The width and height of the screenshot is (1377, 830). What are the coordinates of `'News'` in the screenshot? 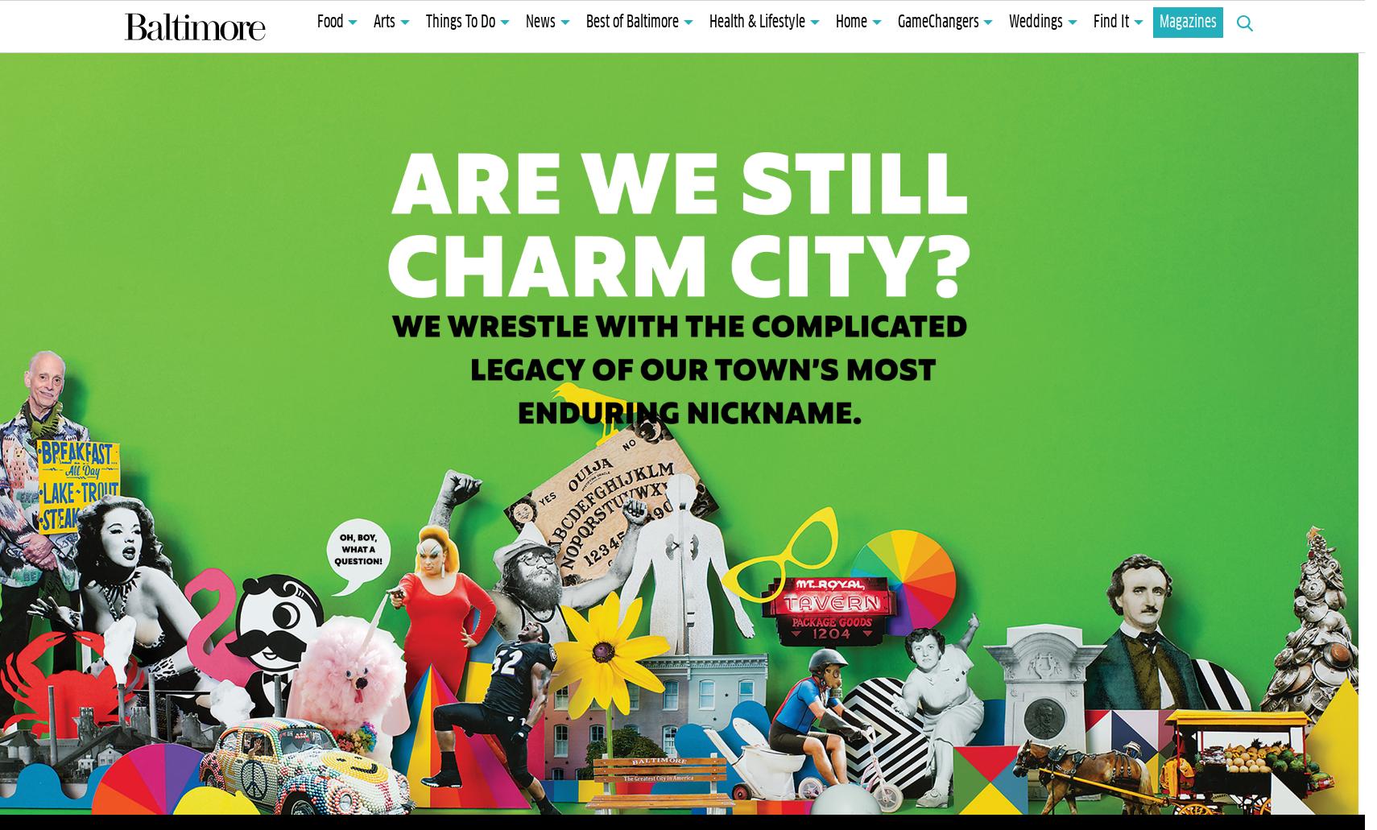 It's located at (540, 23).